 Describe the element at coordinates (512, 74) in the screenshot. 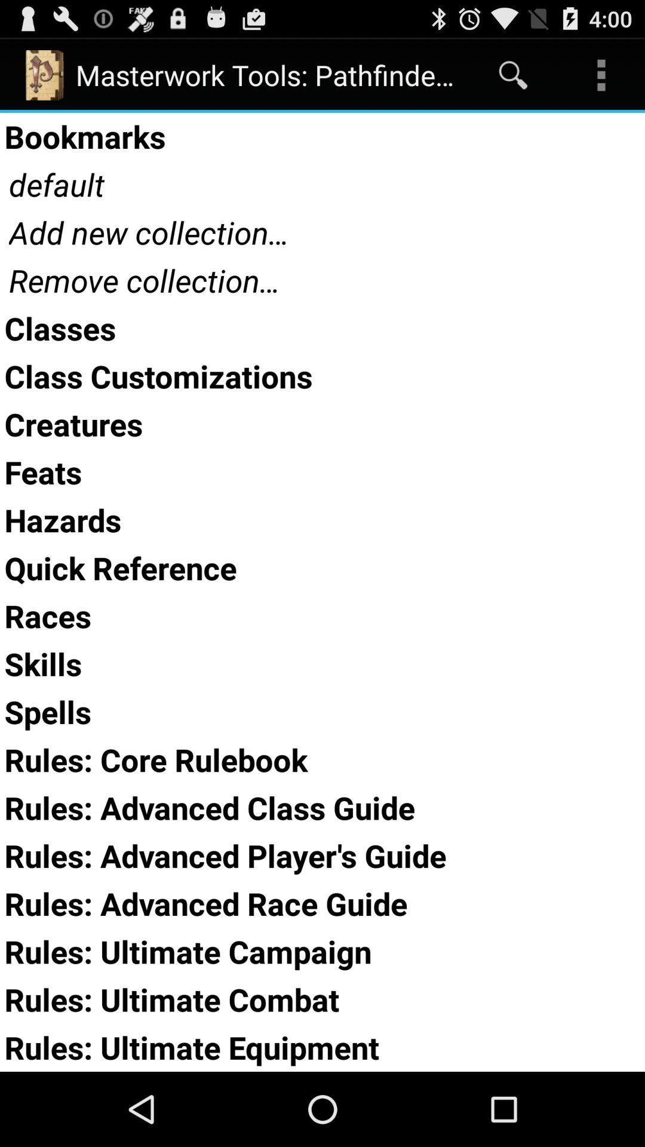

I see `the app next to masterwork tools pathfinder item` at that location.